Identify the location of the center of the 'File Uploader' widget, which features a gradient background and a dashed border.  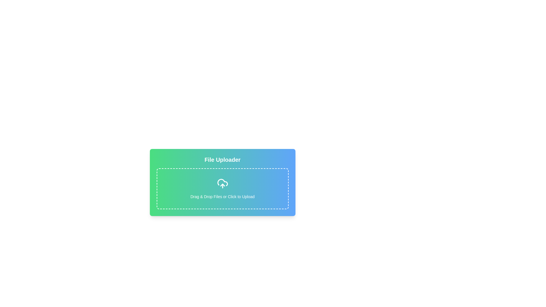
(222, 206).